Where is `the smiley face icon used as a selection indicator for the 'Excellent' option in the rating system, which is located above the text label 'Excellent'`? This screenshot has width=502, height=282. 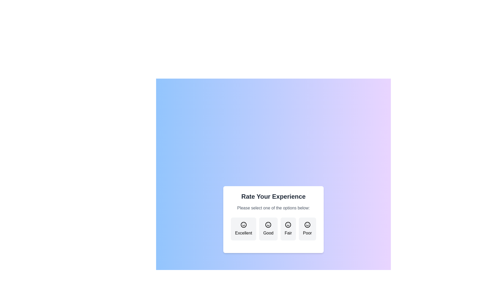 the smiley face icon used as a selection indicator for the 'Excellent' option in the rating system, which is located above the text label 'Excellent' is located at coordinates (243, 224).